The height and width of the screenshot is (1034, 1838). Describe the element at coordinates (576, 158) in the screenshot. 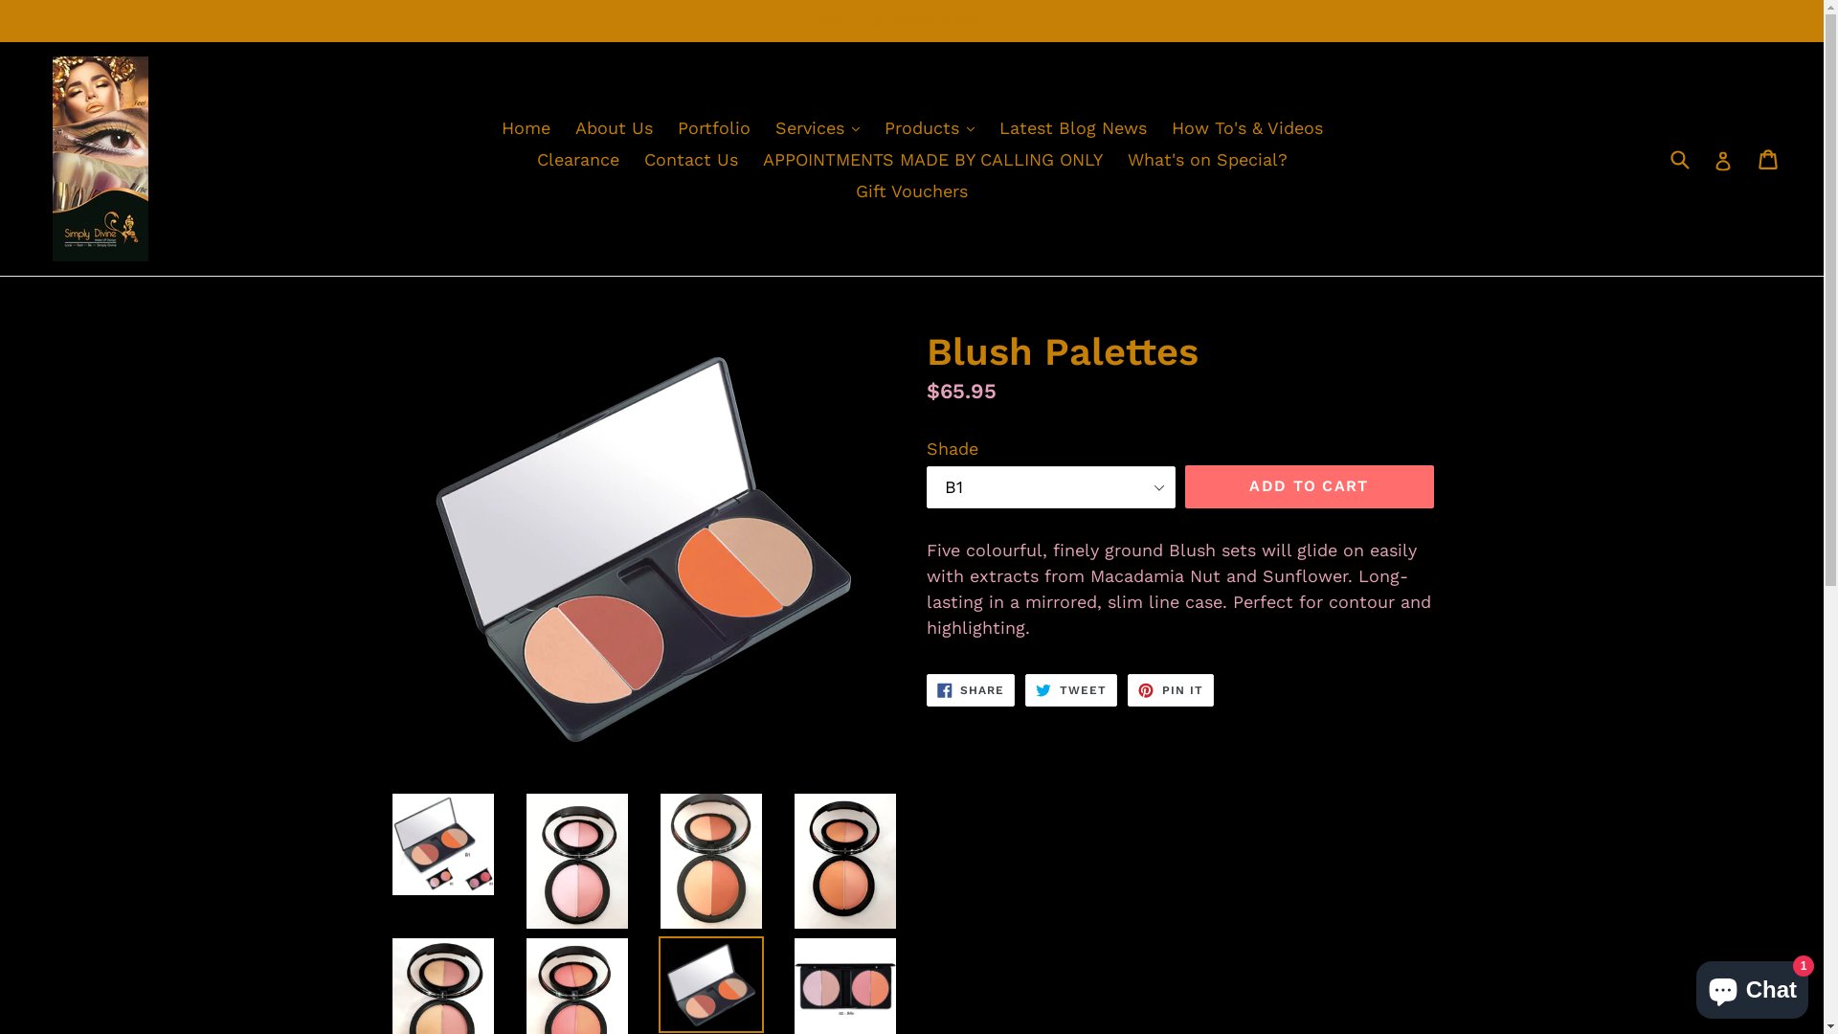

I see `'Clearance'` at that location.